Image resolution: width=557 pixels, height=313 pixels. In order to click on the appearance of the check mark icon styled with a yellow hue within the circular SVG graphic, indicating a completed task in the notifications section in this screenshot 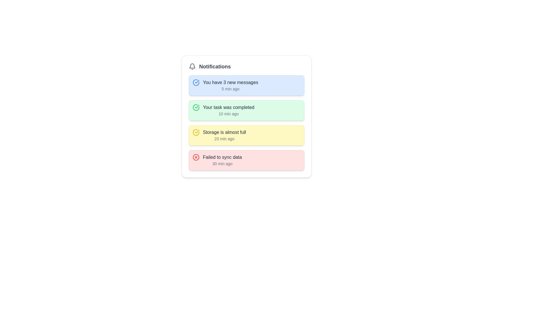, I will do `click(197, 132)`.